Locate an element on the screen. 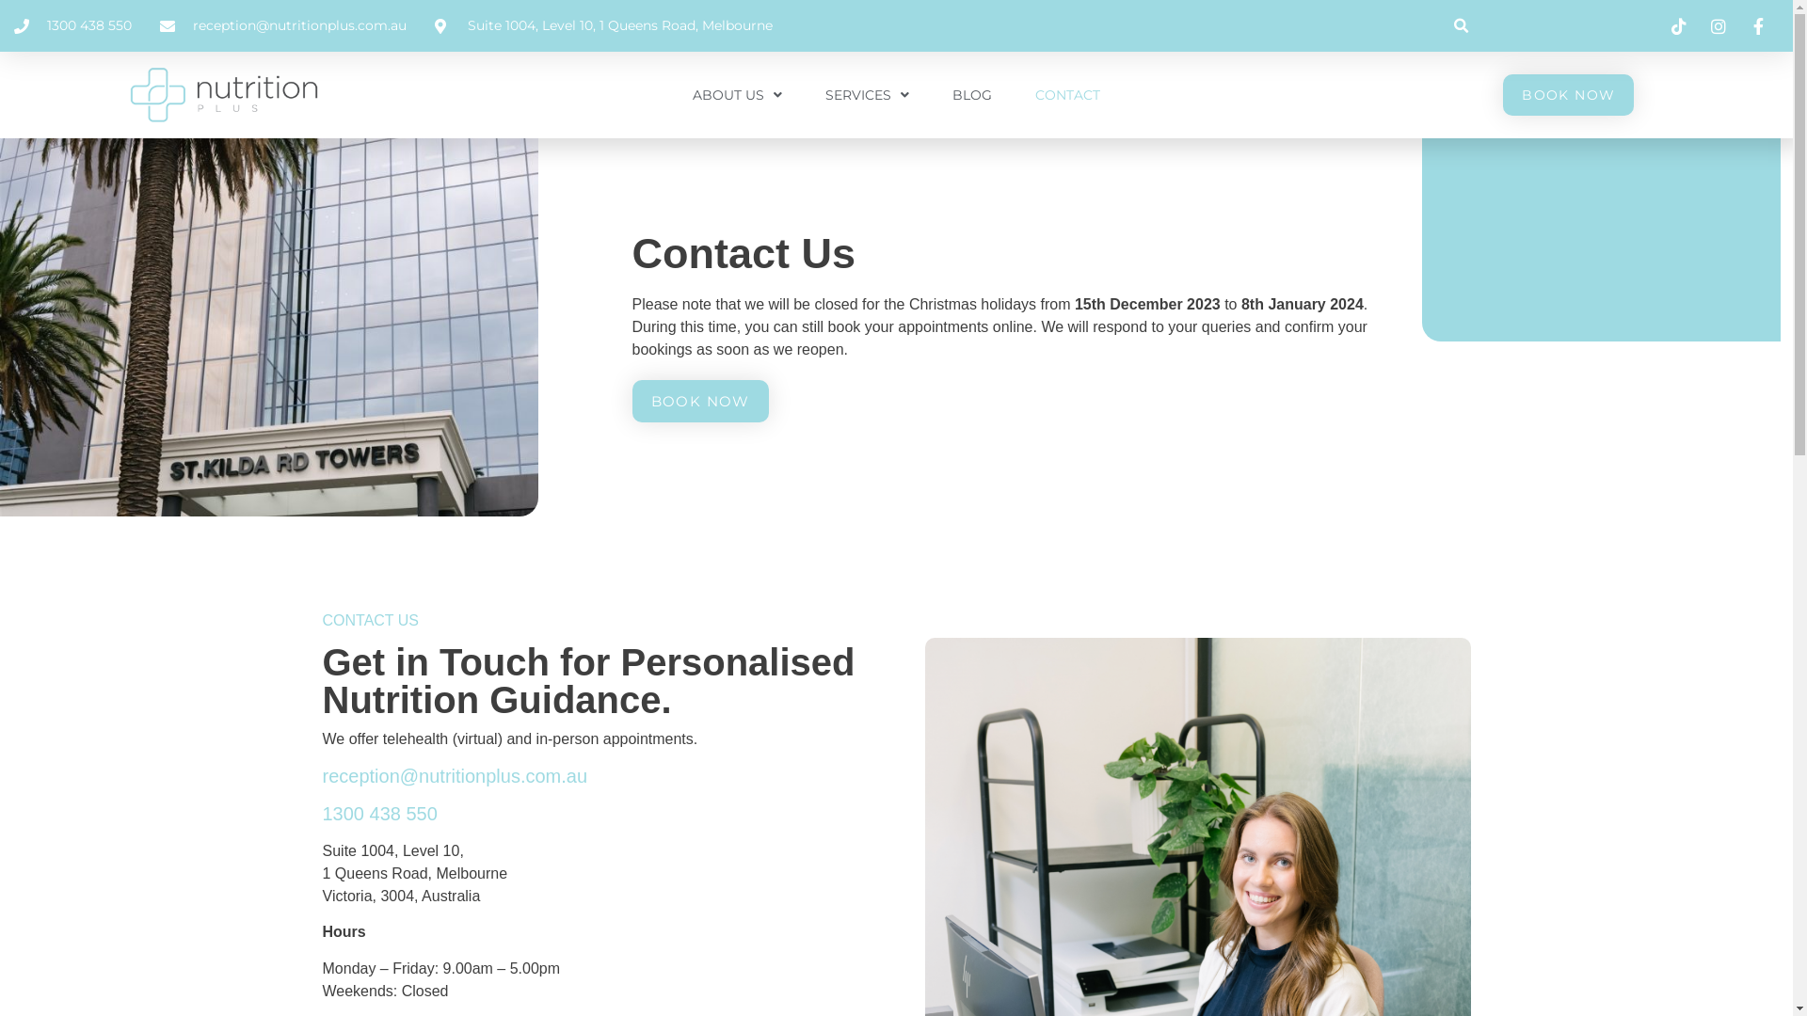 This screenshot has height=1016, width=1807. 'BOOK NOW' is located at coordinates (1568, 94).